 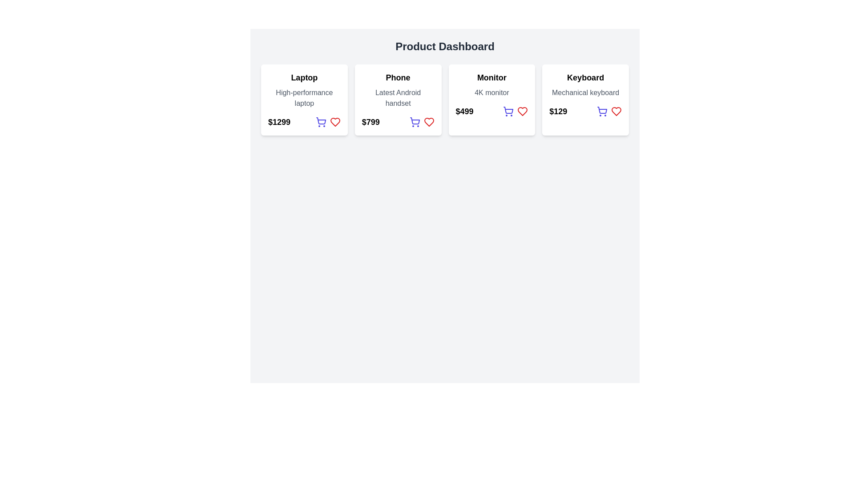 What do you see at coordinates (334, 122) in the screenshot?
I see `the heart-shaped icon button located at the bottom-right corner of the 'Laptop' product card` at bounding box center [334, 122].